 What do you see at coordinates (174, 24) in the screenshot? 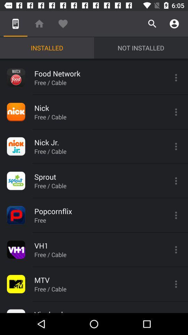
I see `the icon above not installed` at bounding box center [174, 24].